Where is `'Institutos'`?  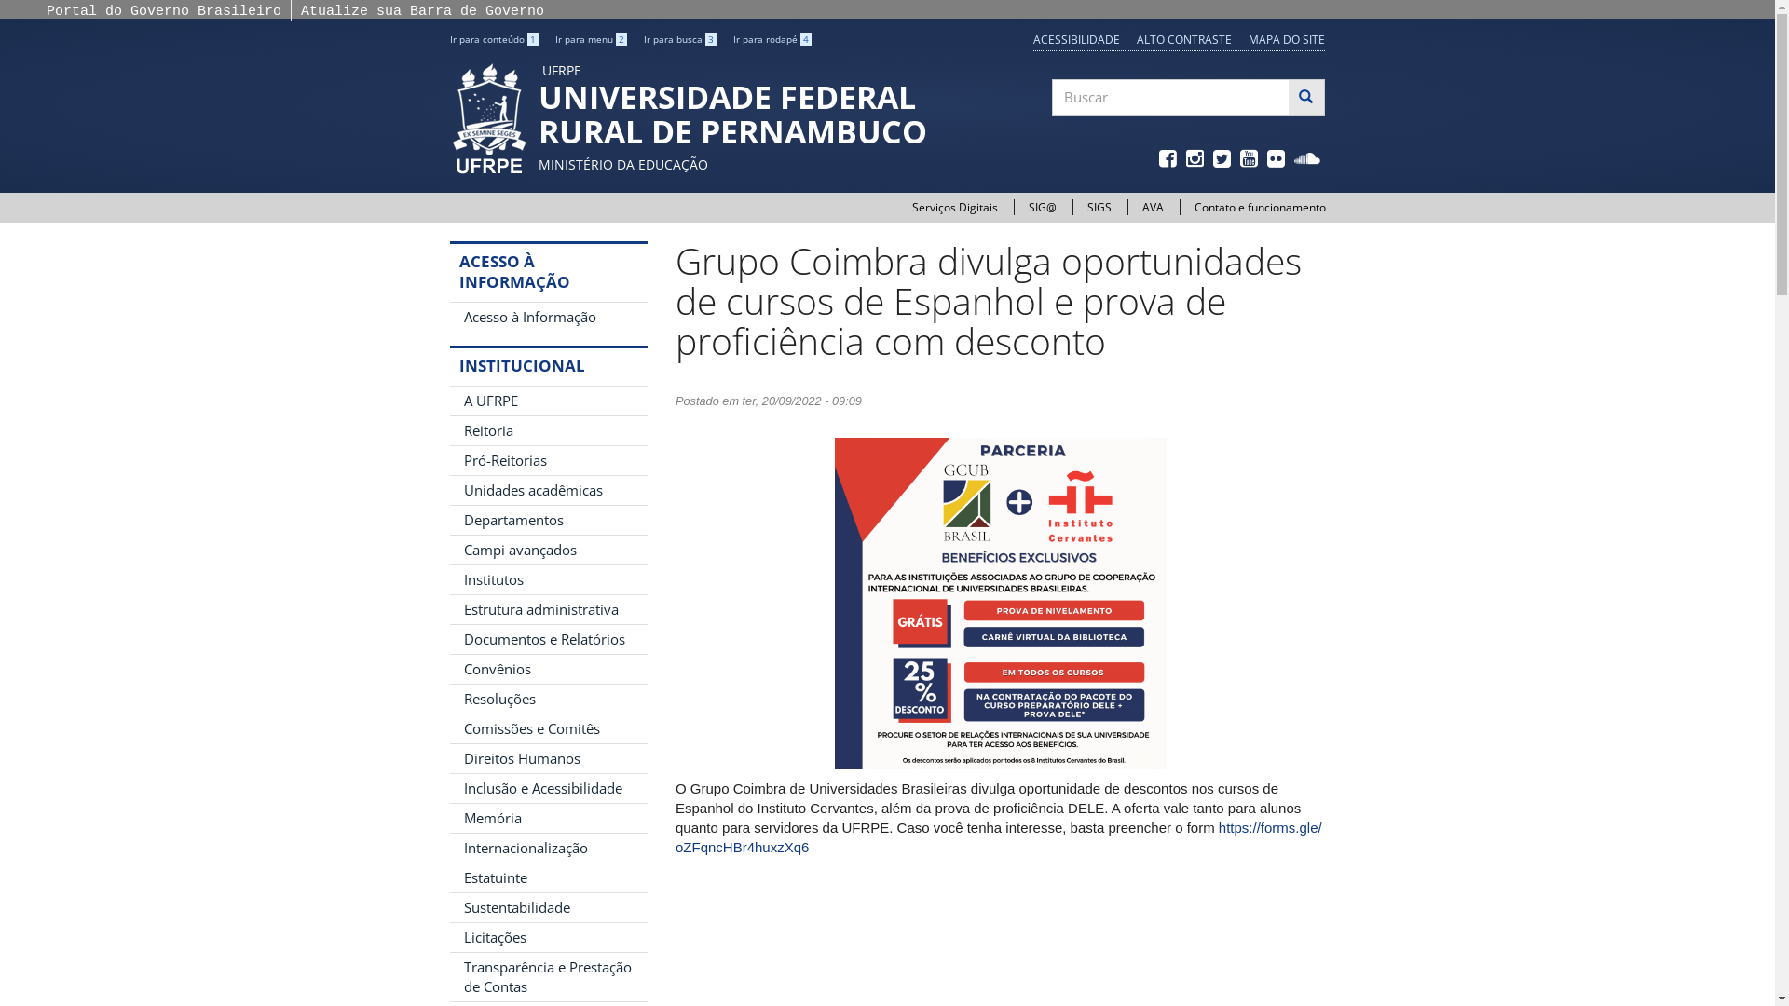
'Institutos' is located at coordinates (547, 578).